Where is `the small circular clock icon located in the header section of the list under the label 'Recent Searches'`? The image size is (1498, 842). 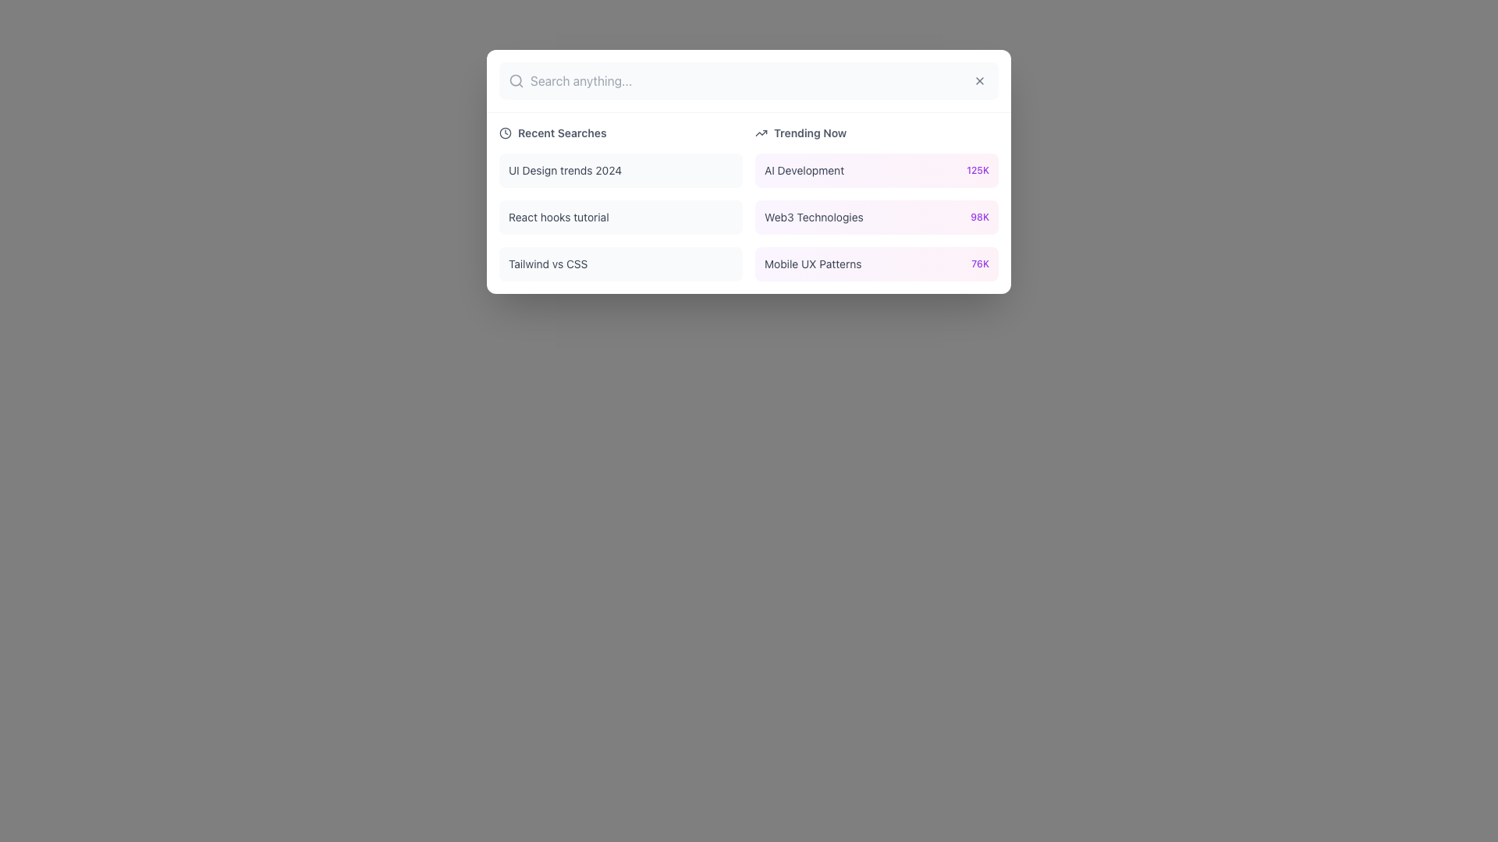 the small circular clock icon located in the header section of the list under the label 'Recent Searches' is located at coordinates (506, 132).